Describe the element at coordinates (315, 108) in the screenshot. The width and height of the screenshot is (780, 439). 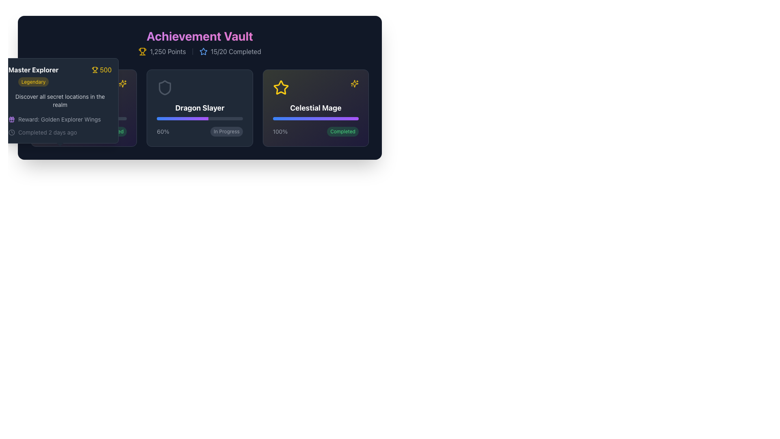
I see `the title 'Celestial Mage' displayed in a bold white font on a dark background, located at the center-top of the right card in a three-card layout` at that location.